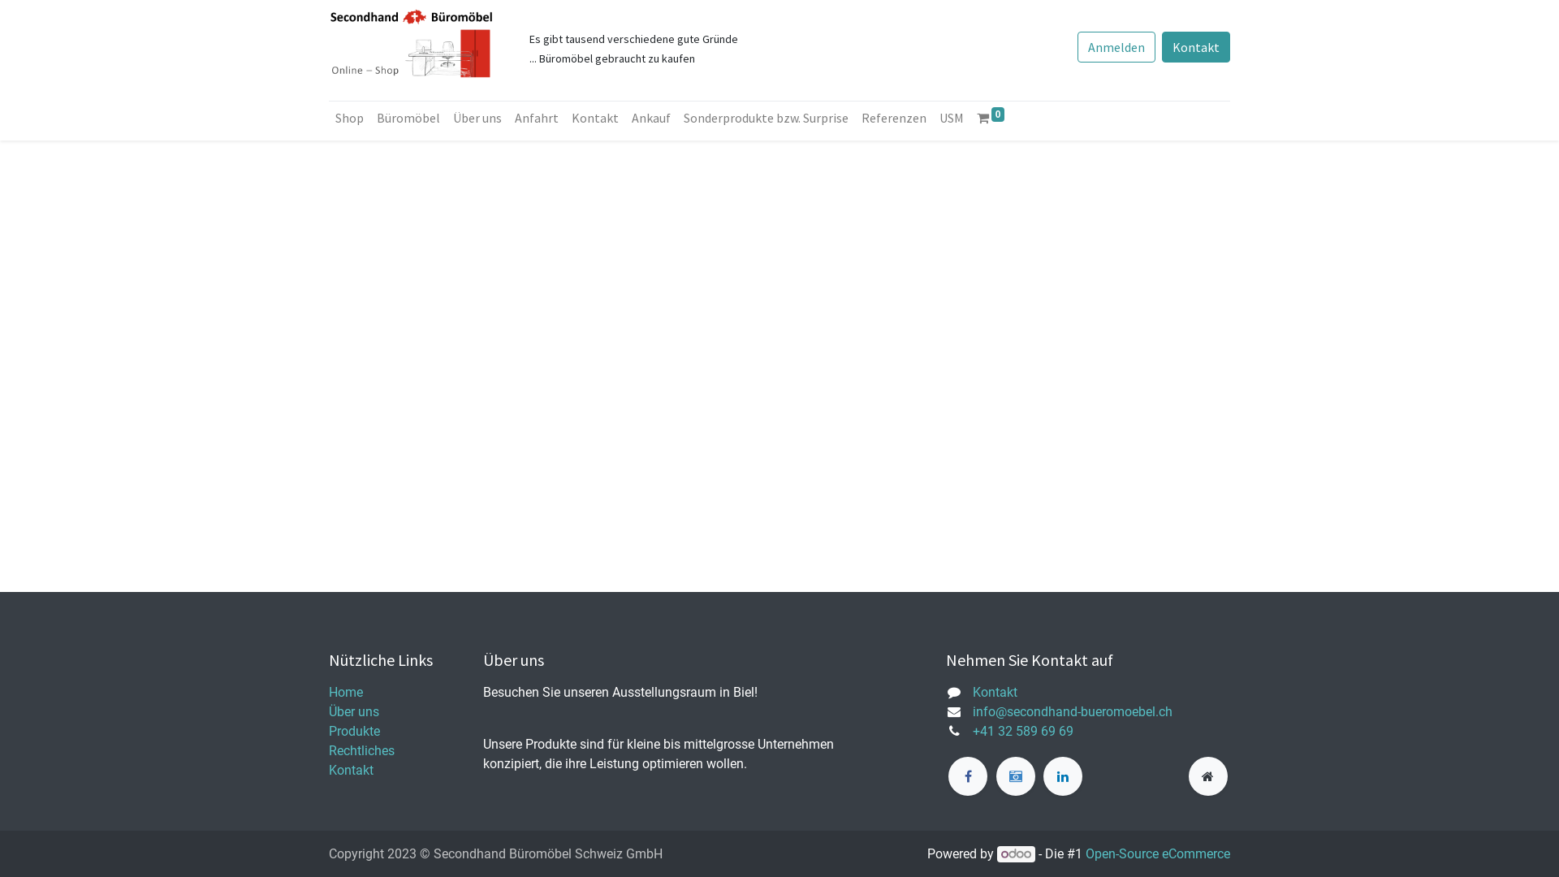 The image size is (1559, 877). What do you see at coordinates (348, 117) in the screenshot?
I see `'Shop'` at bounding box center [348, 117].